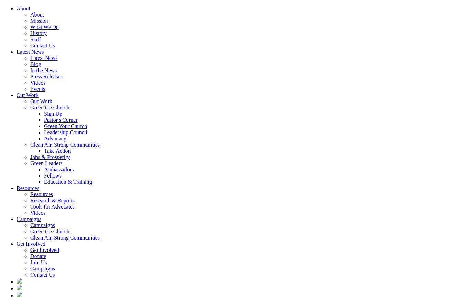 The width and height of the screenshot is (470, 298). I want to click on 'Fellows', so click(52, 175).